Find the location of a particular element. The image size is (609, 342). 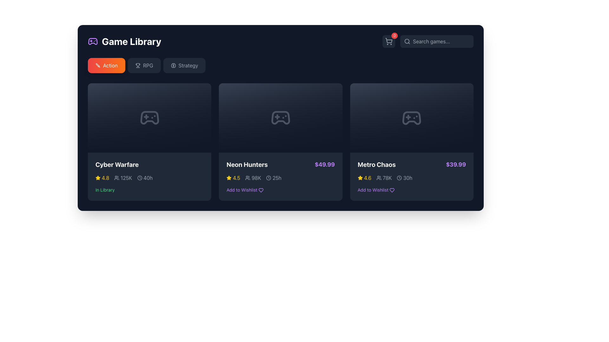

the decorative star icon representing a rating value for the game 'Neon Hunters', located to the left of the text '4.5', to influence the rating display is located at coordinates (228, 177).